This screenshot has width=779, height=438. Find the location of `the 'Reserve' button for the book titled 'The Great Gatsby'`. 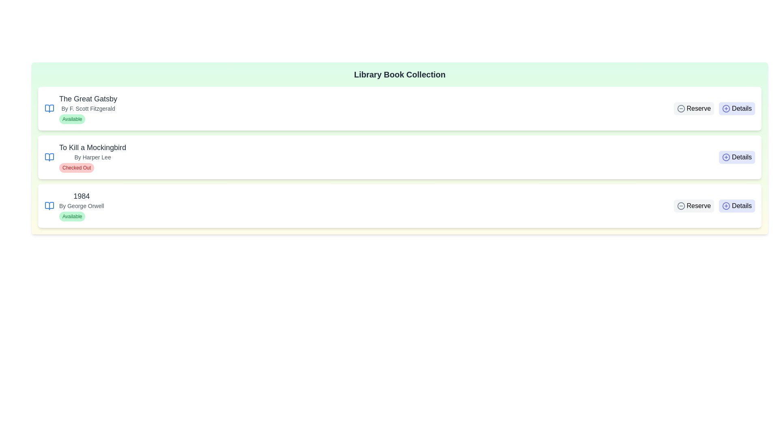

the 'Reserve' button for the book titled 'The Great Gatsby' is located at coordinates (693, 108).